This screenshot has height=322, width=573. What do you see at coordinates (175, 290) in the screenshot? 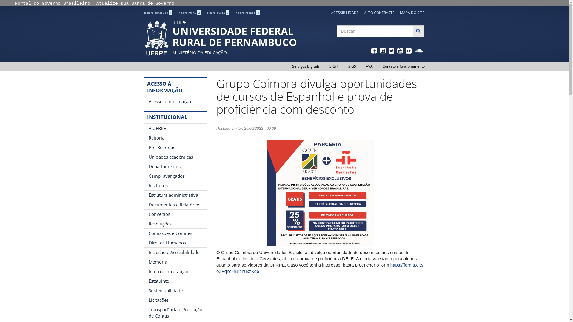
I see `'Sustentabilidade'` at bounding box center [175, 290].